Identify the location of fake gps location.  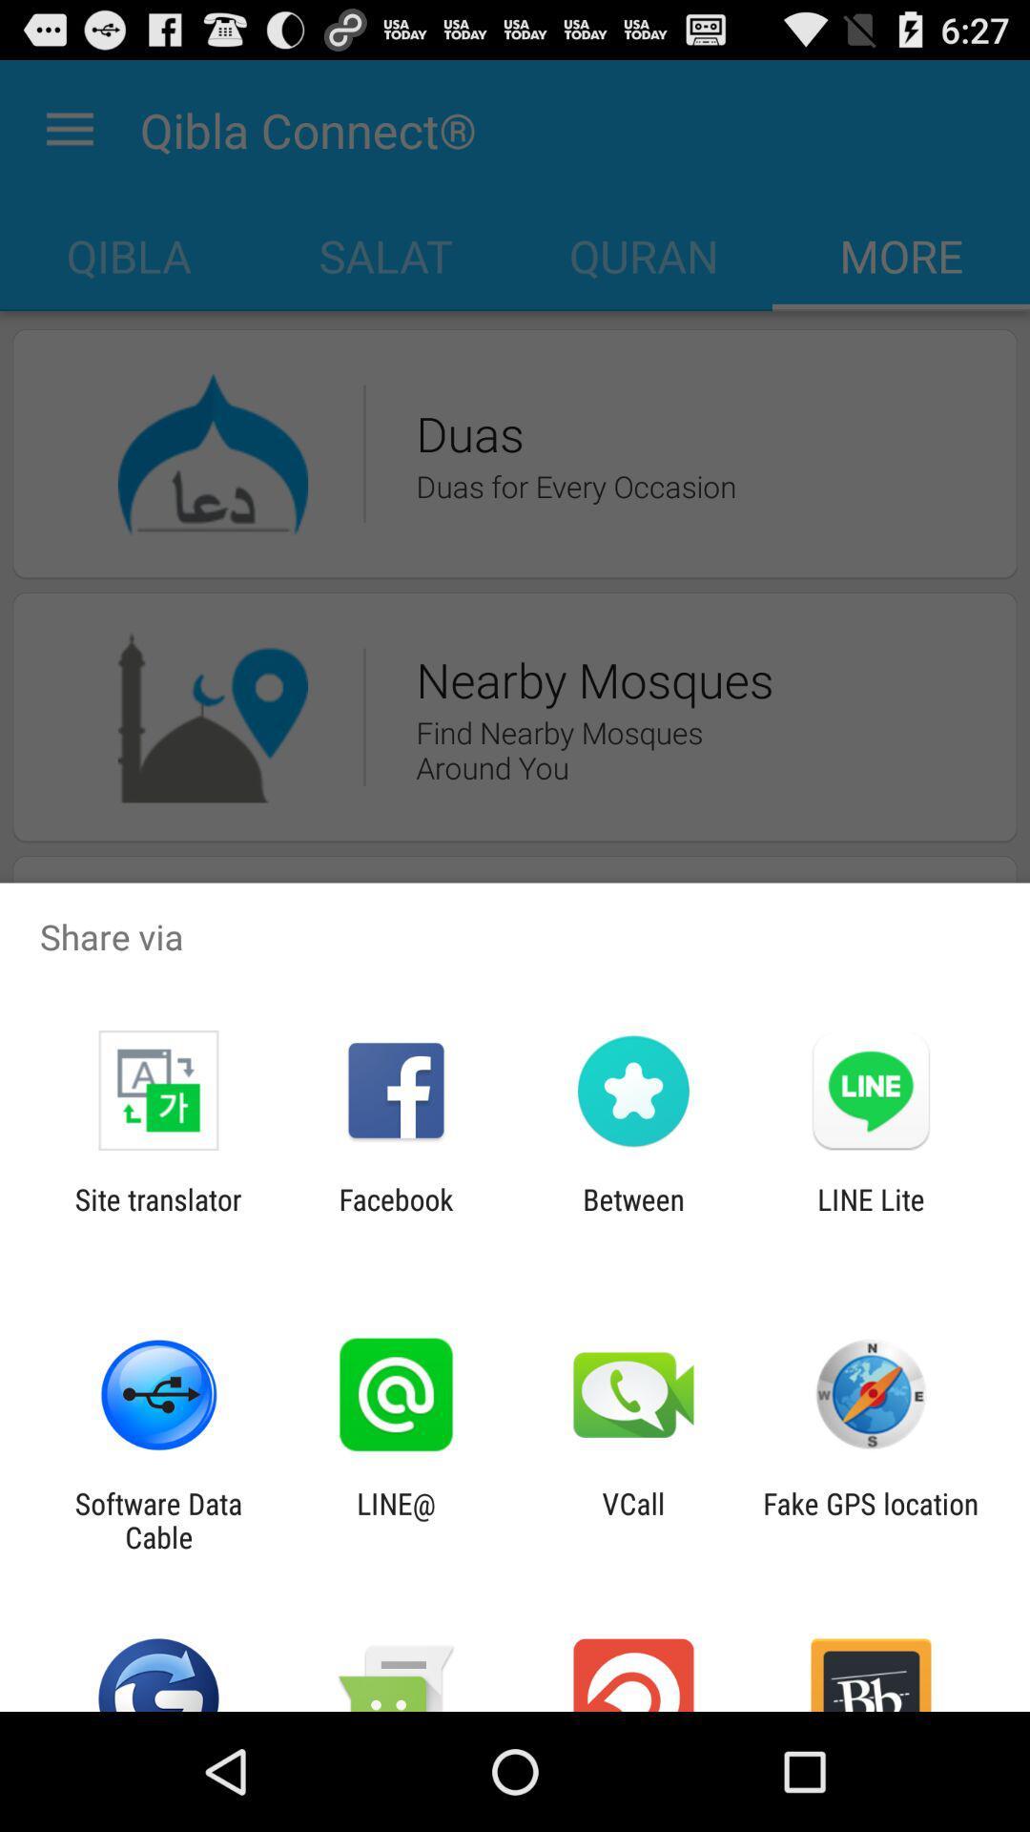
(871, 1519).